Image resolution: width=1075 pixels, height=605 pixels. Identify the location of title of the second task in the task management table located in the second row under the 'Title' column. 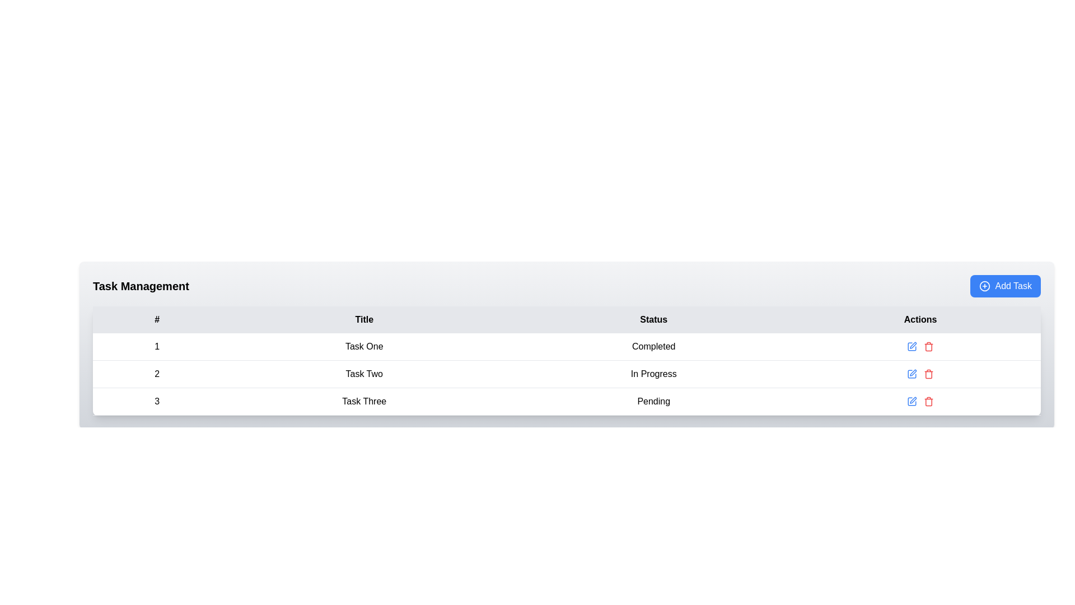
(364, 374).